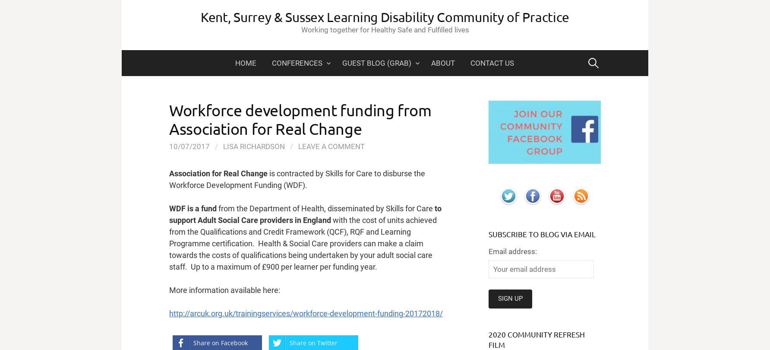 The height and width of the screenshot is (350, 770). I want to click on 'providers in England', so click(259, 220).